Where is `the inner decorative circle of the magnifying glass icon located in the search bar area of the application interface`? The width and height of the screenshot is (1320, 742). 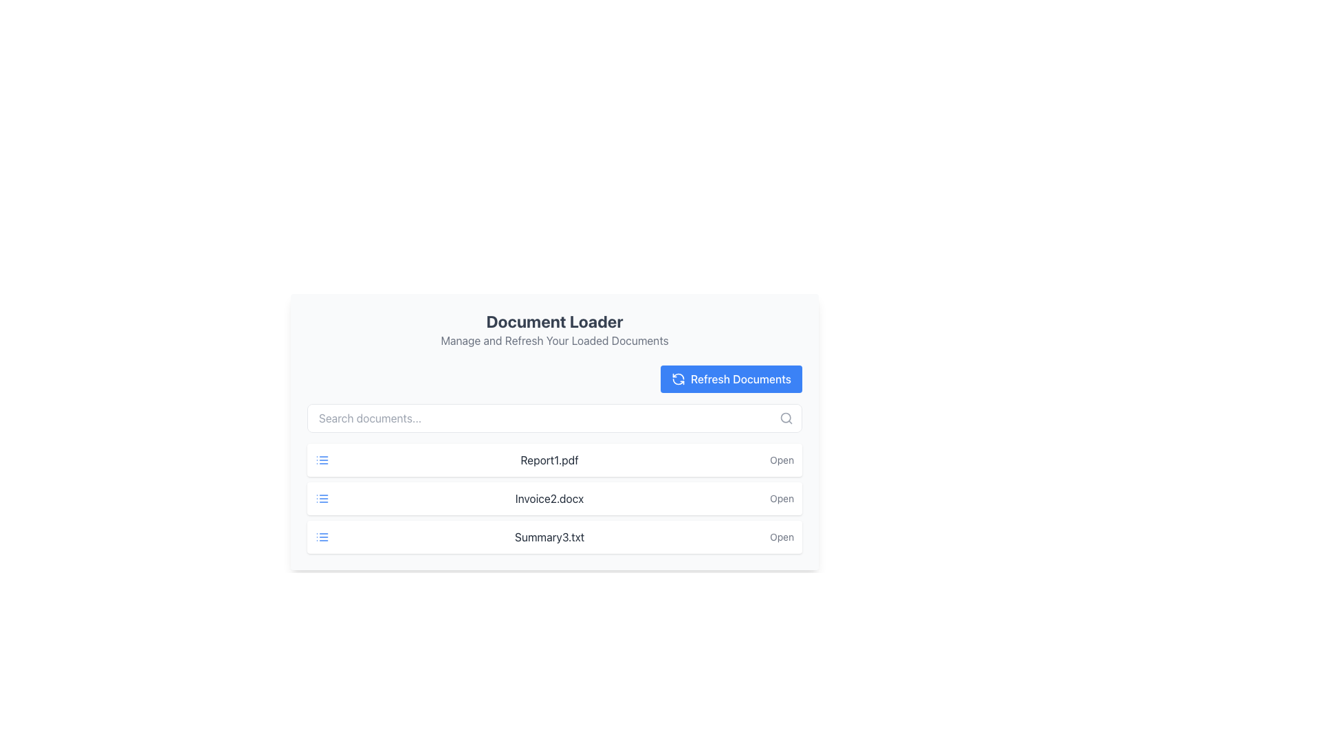
the inner decorative circle of the magnifying glass icon located in the search bar area of the application interface is located at coordinates (786, 417).